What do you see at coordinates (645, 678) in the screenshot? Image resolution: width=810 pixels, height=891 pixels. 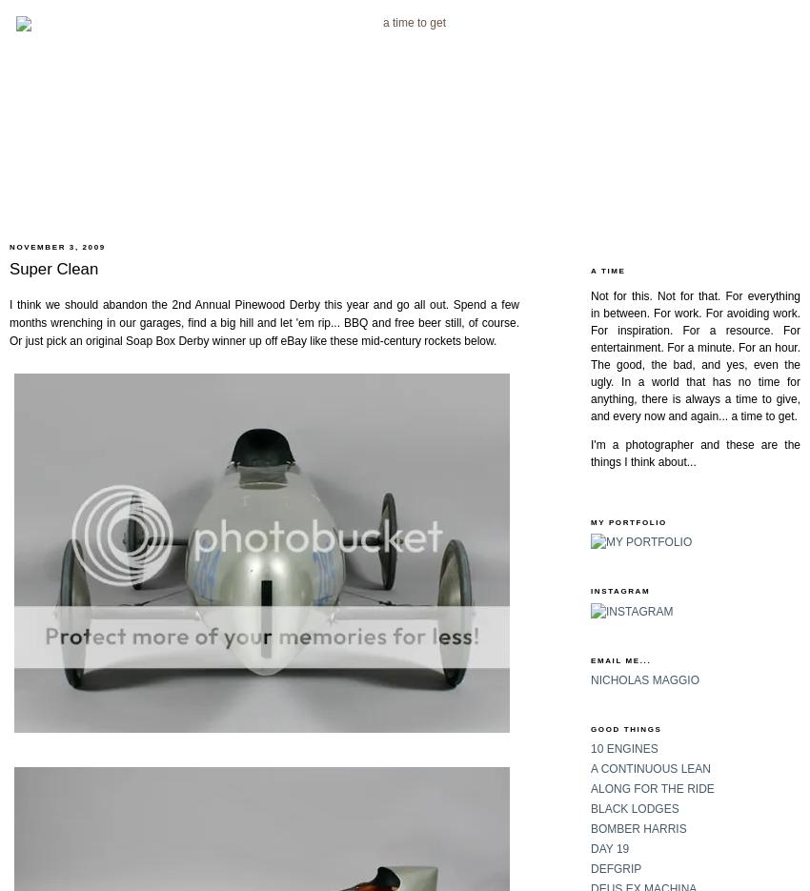 I see `'NICHOLAS MAGGIO'` at bounding box center [645, 678].